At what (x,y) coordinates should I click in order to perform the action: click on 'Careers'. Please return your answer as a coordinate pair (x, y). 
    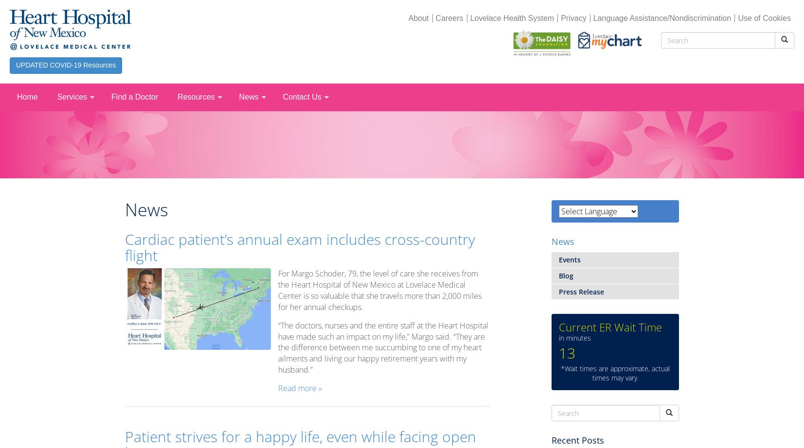
    Looking at the image, I should click on (449, 18).